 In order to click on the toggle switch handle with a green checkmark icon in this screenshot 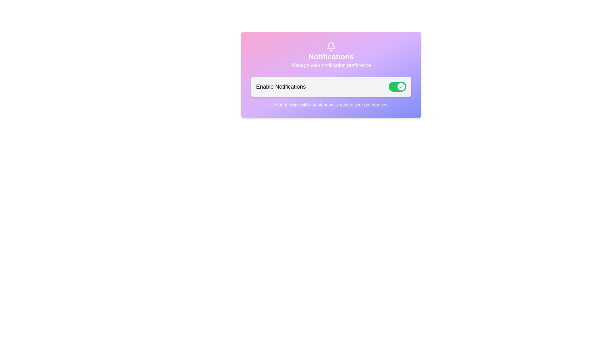, I will do `click(401, 86)`.